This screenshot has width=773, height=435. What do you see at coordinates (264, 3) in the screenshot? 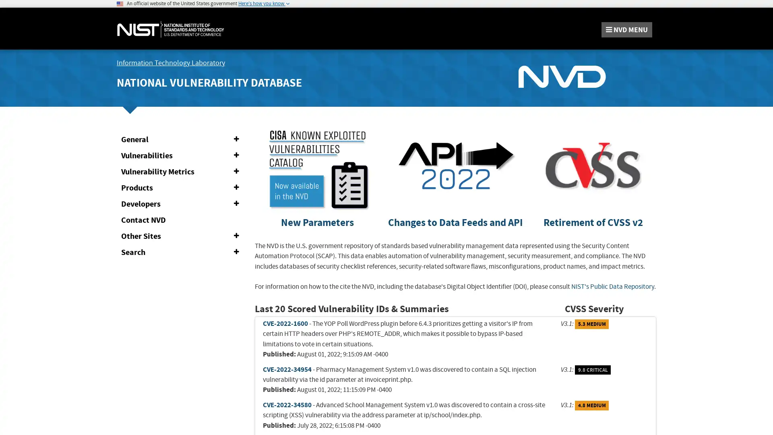
I see `Here's how you know` at bounding box center [264, 3].